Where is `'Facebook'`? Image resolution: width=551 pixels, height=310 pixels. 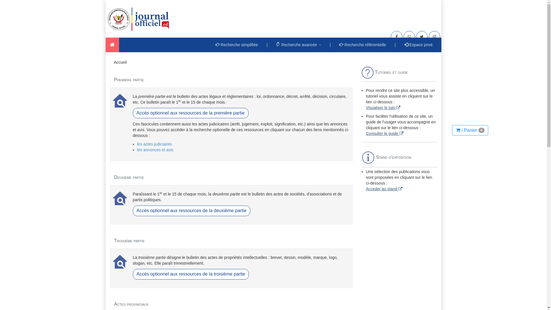
'Facebook' is located at coordinates (396, 36).